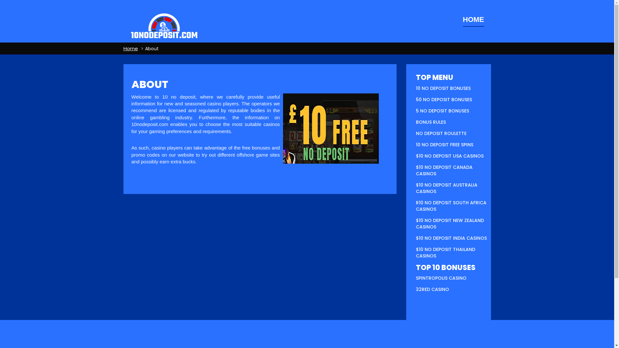  I want to click on '32RED CASINO', so click(432, 289).